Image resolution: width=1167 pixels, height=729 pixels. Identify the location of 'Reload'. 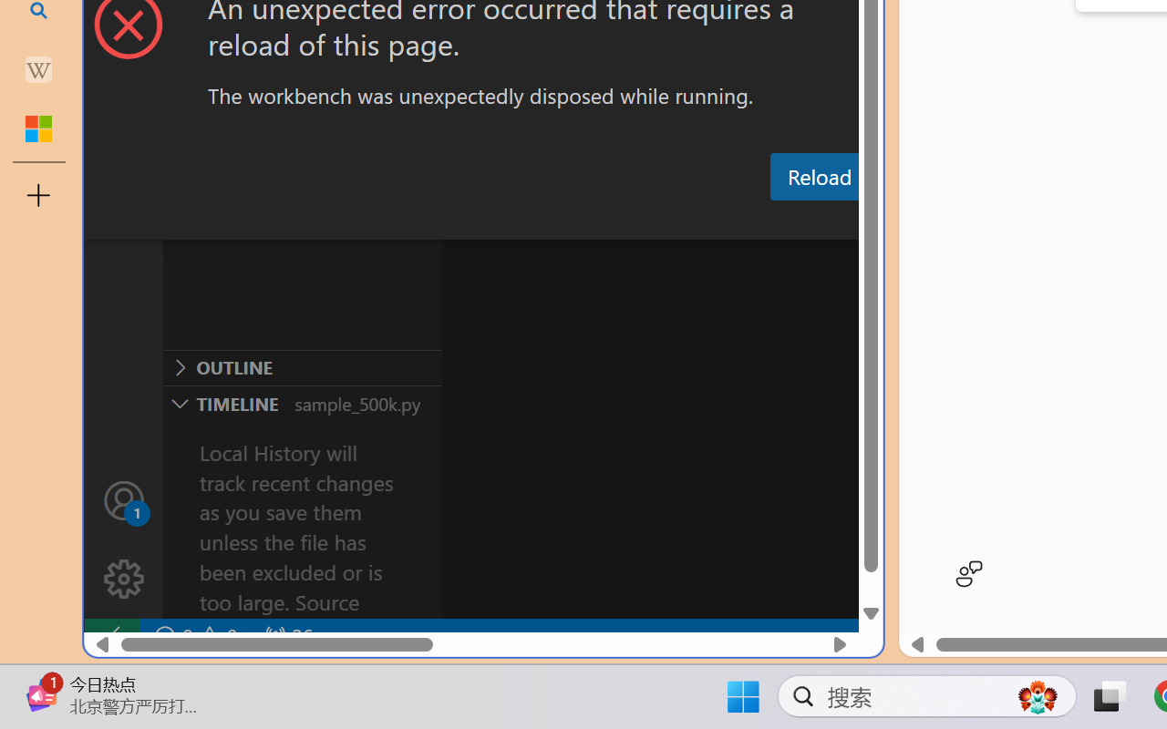
(818, 175).